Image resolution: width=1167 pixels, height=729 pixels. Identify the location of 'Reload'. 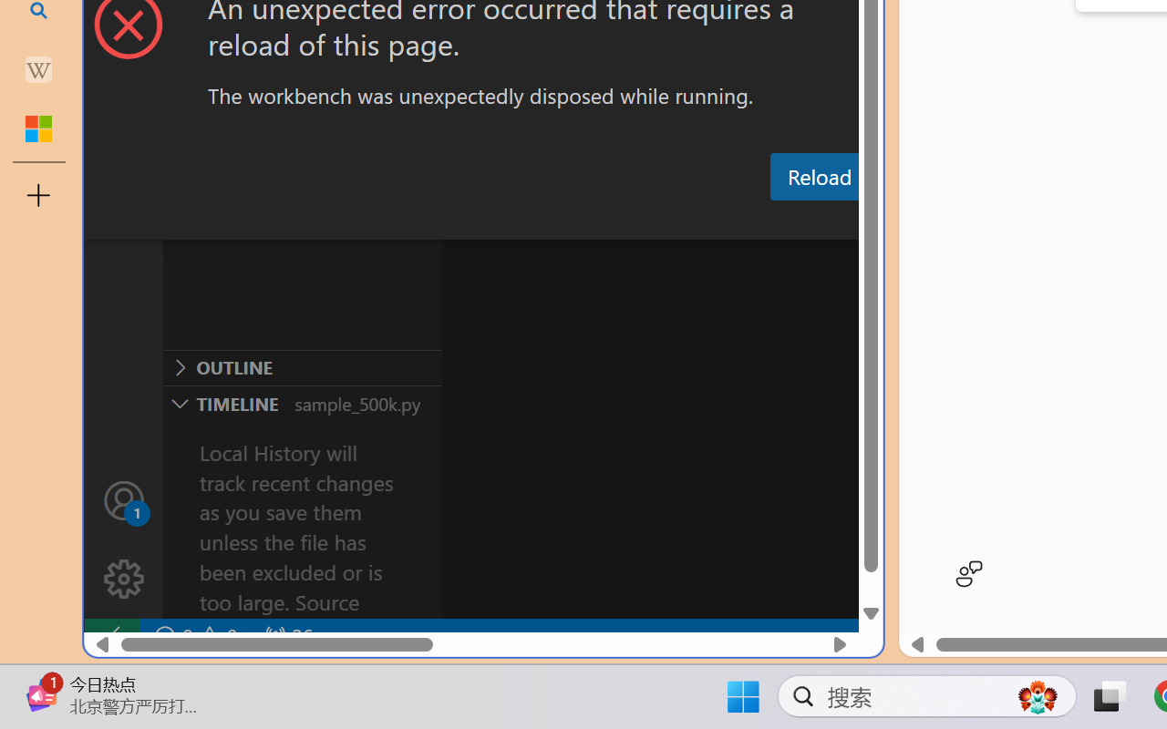
(818, 175).